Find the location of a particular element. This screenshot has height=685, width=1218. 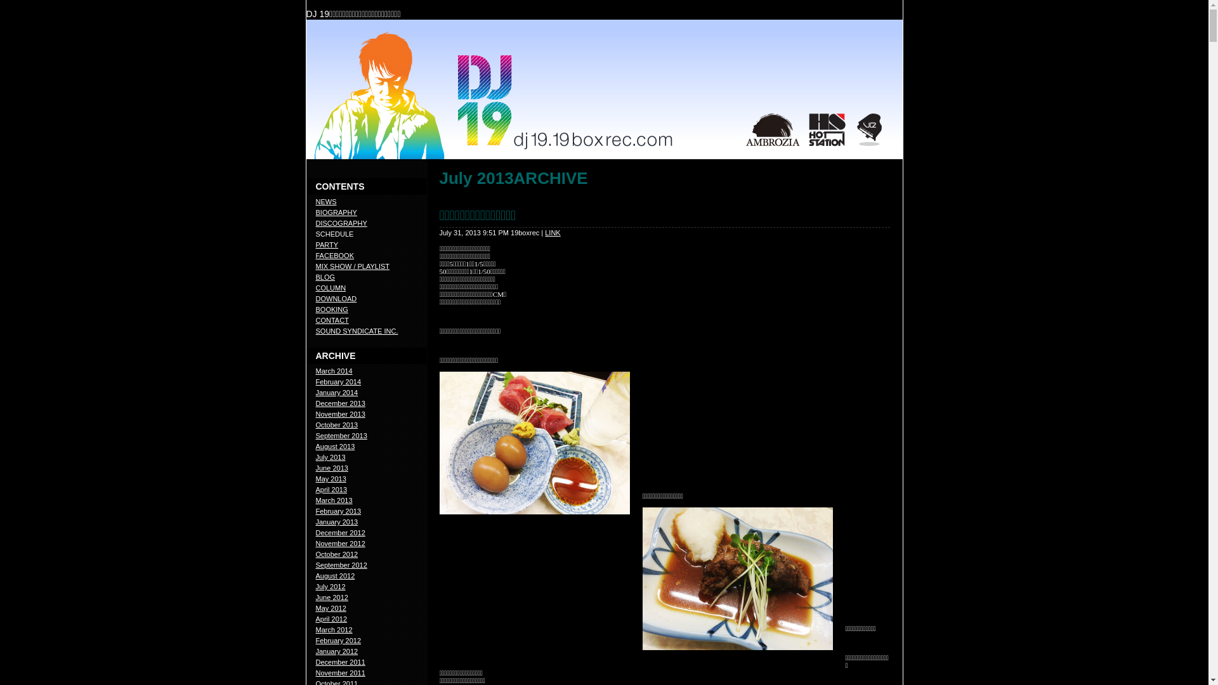

'October 2013' is located at coordinates (337, 425).